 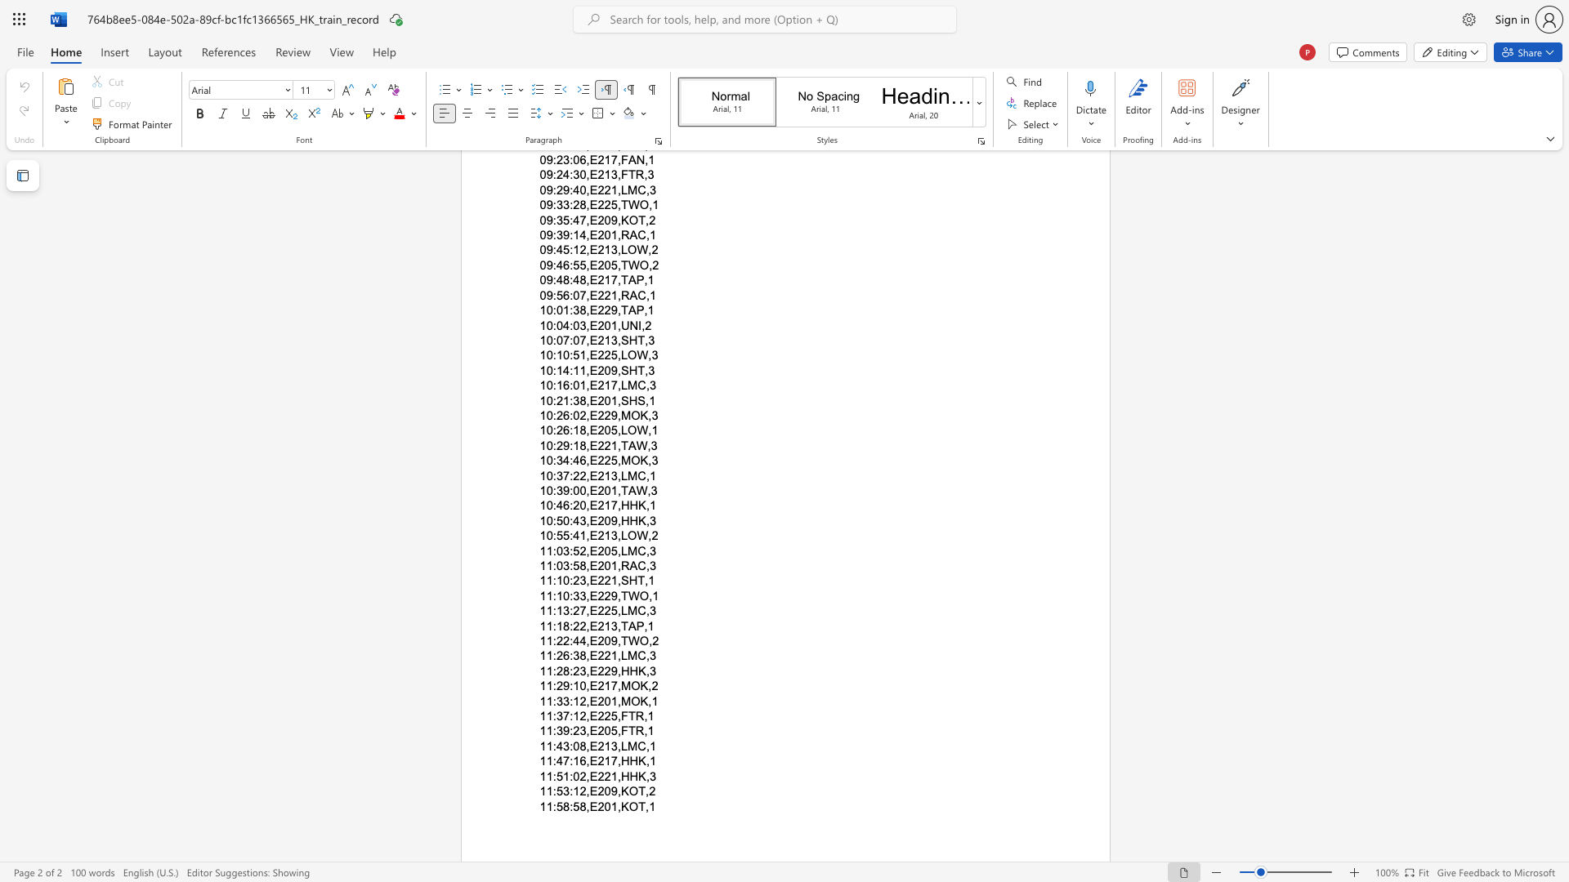 What do you see at coordinates (619, 730) in the screenshot?
I see `the subset text "FT" within the text "11:39:23,E205,FTR,1"` at bounding box center [619, 730].